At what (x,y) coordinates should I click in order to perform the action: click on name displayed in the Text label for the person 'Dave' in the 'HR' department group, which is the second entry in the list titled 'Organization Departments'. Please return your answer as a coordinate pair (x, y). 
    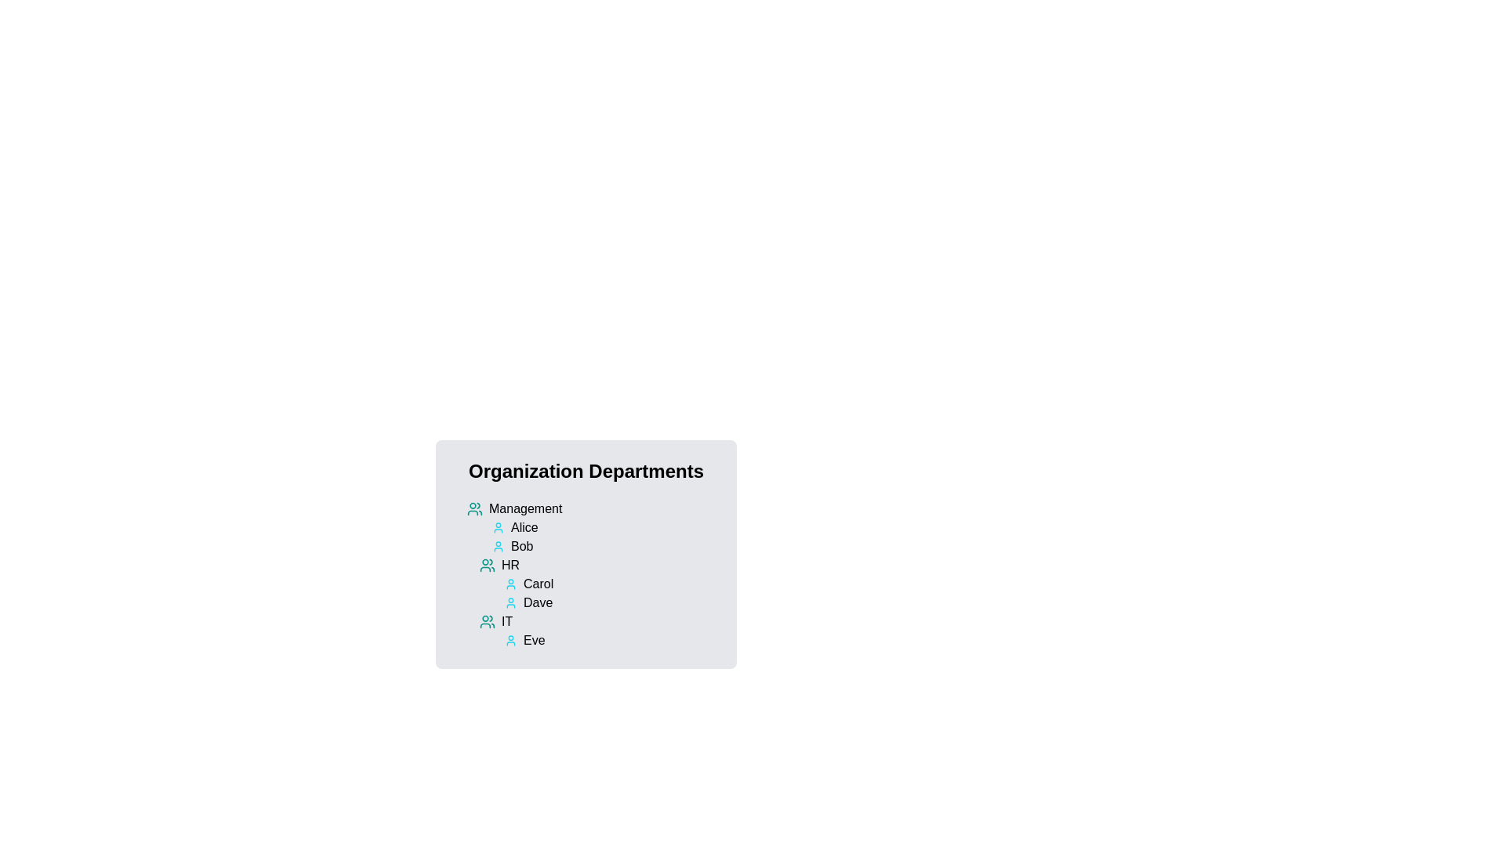
    Looking at the image, I should click on (538, 602).